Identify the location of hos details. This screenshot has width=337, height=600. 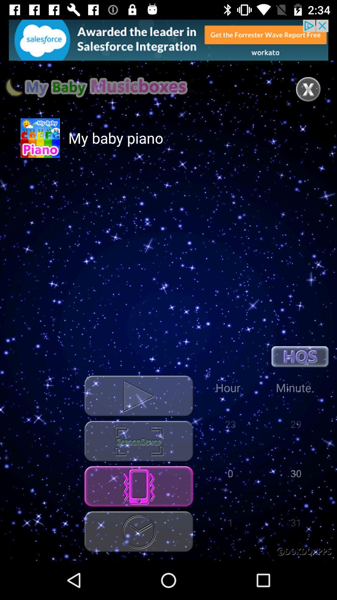
(300, 357).